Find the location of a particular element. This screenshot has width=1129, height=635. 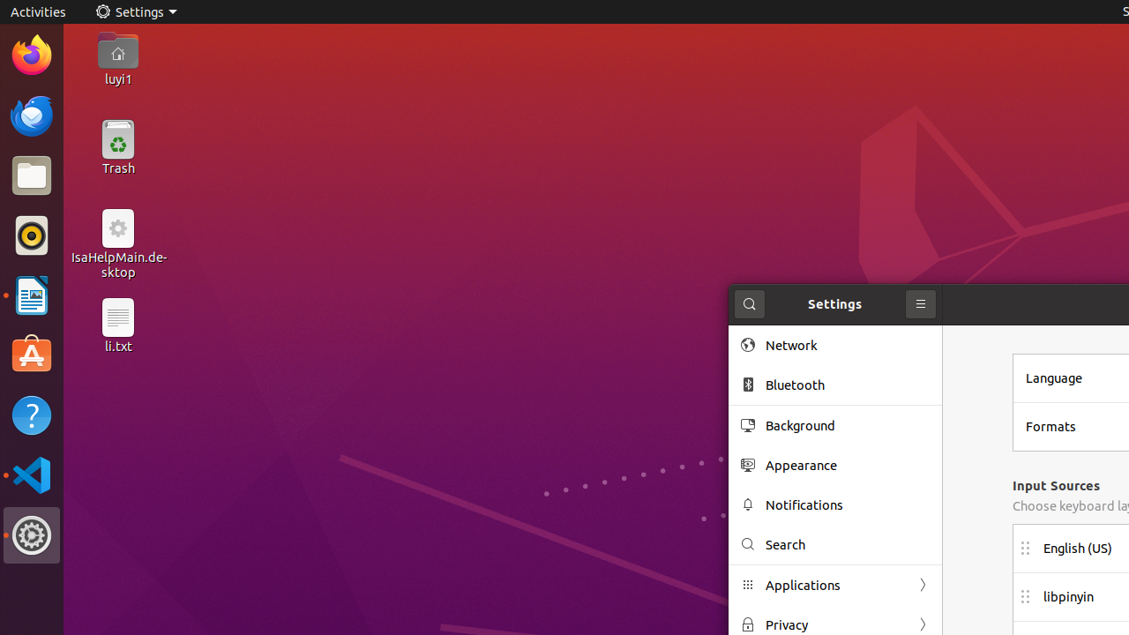

'Primary Menu' is located at coordinates (919, 303).